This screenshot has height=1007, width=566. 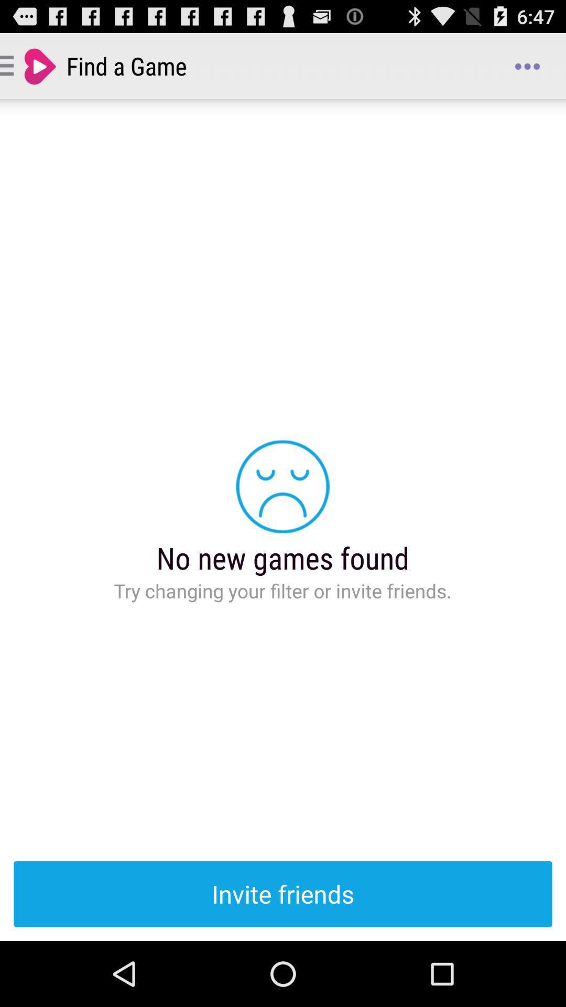 What do you see at coordinates (527, 65) in the screenshot?
I see `icon at the top right corner` at bounding box center [527, 65].